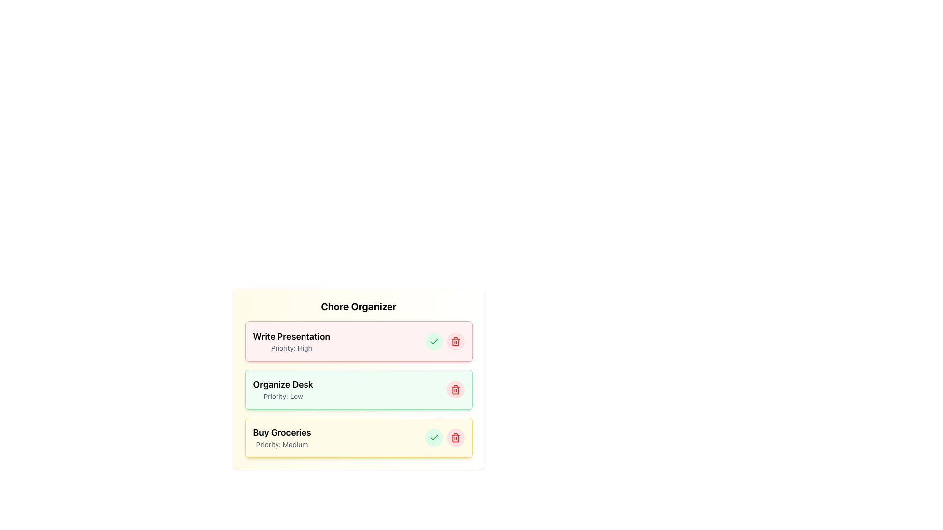 The width and height of the screenshot is (943, 530). What do you see at coordinates (433, 437) in the screenshot?
I see `the circular button with a green checkmark icon` at bounding box center [433, 437].